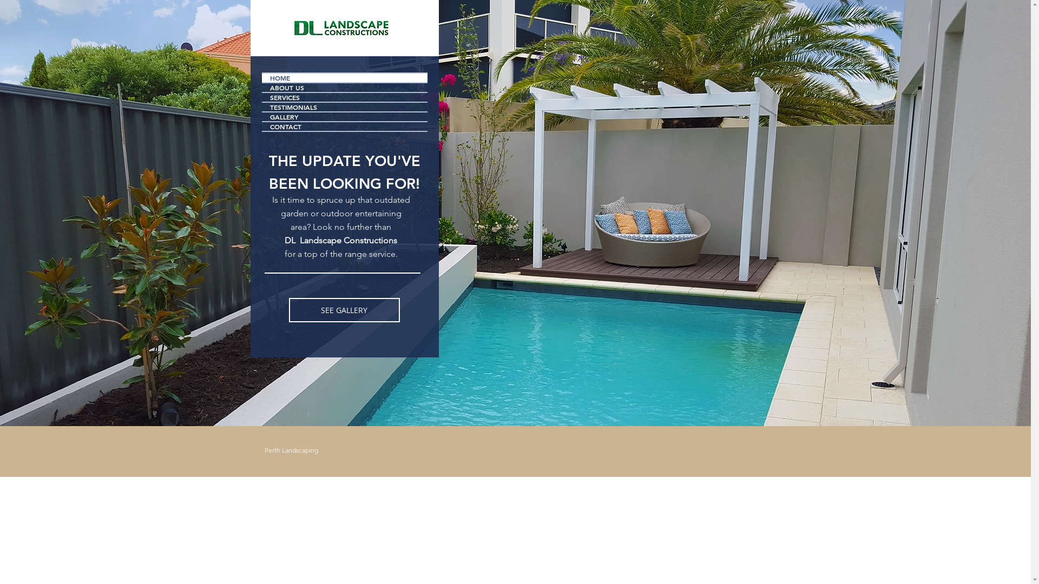 The width and height of the screenshot is (1039, 584). I want to click on 'ABOUT US', so click(344, 87).